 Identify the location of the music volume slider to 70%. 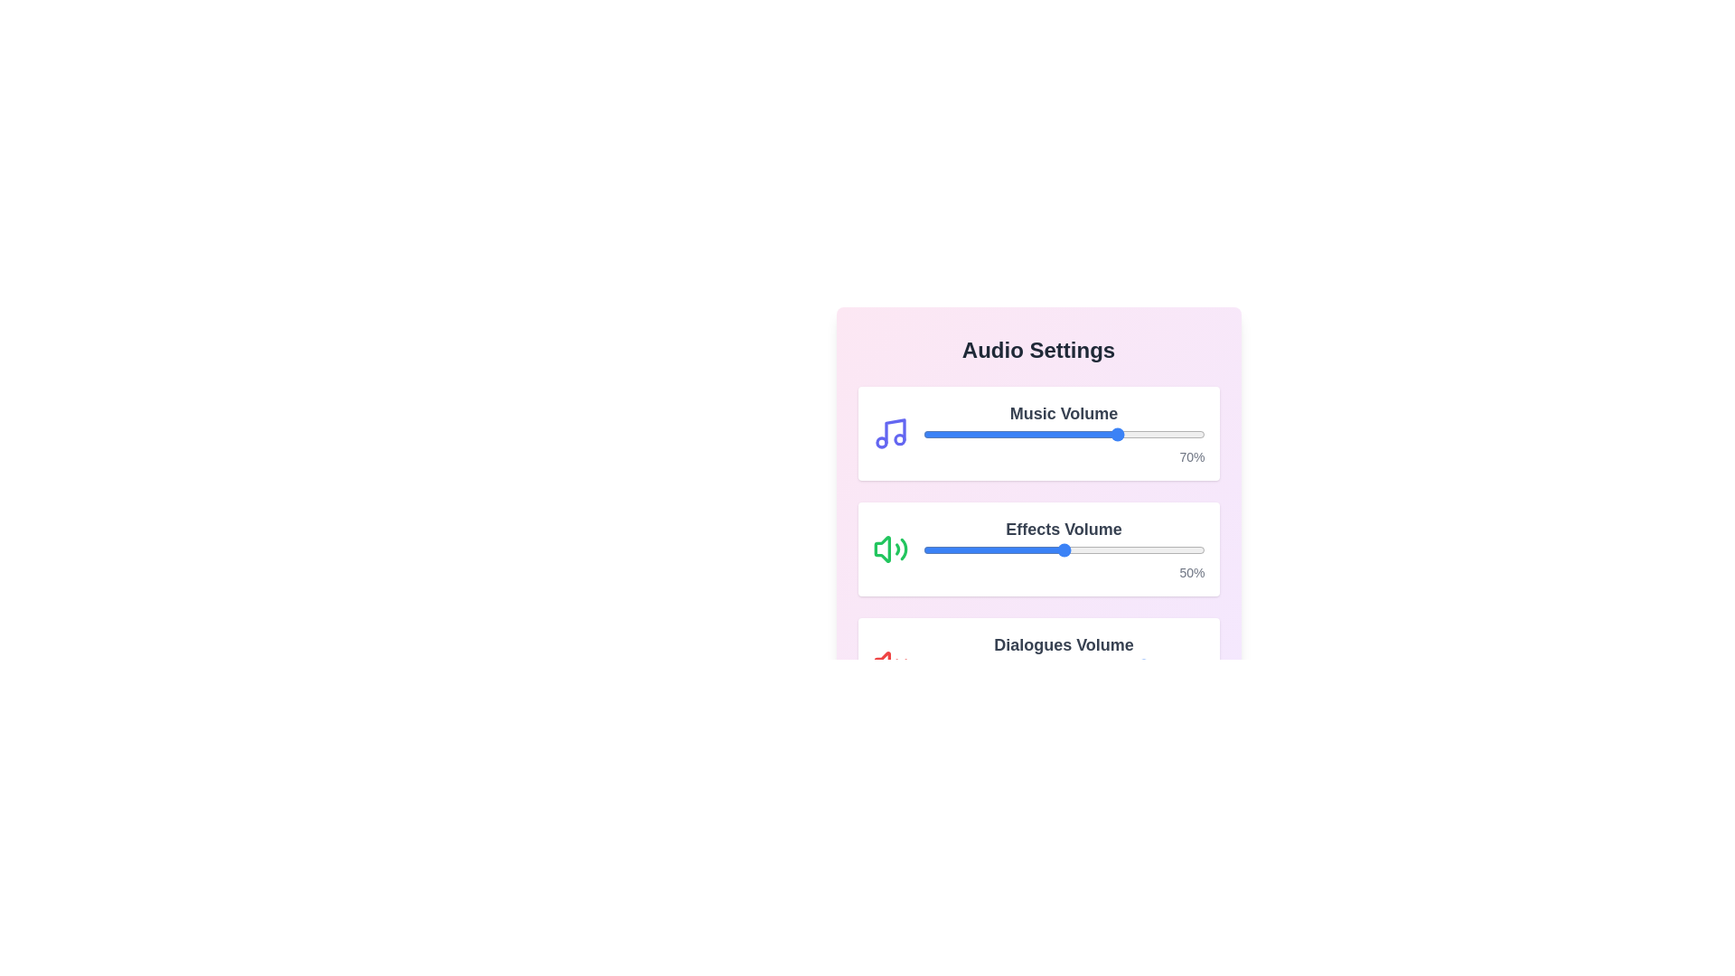
(1119, 435).